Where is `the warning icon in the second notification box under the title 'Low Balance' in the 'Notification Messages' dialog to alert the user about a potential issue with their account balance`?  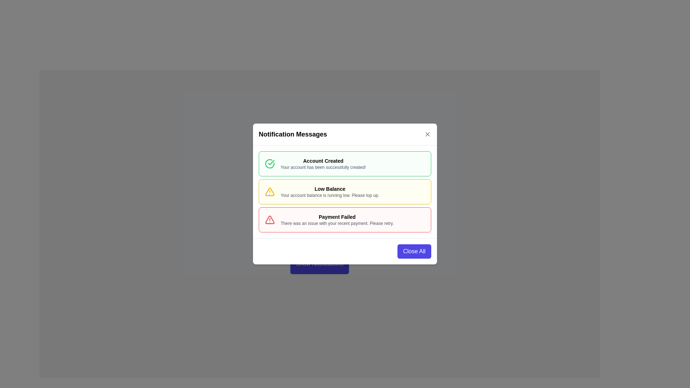
the warning icon in the second notification box under the title 'Low Balance' in the 'Notification Messages' dialog to alert the user about a potential issue with their account balance is located at coordinates (269, 191).